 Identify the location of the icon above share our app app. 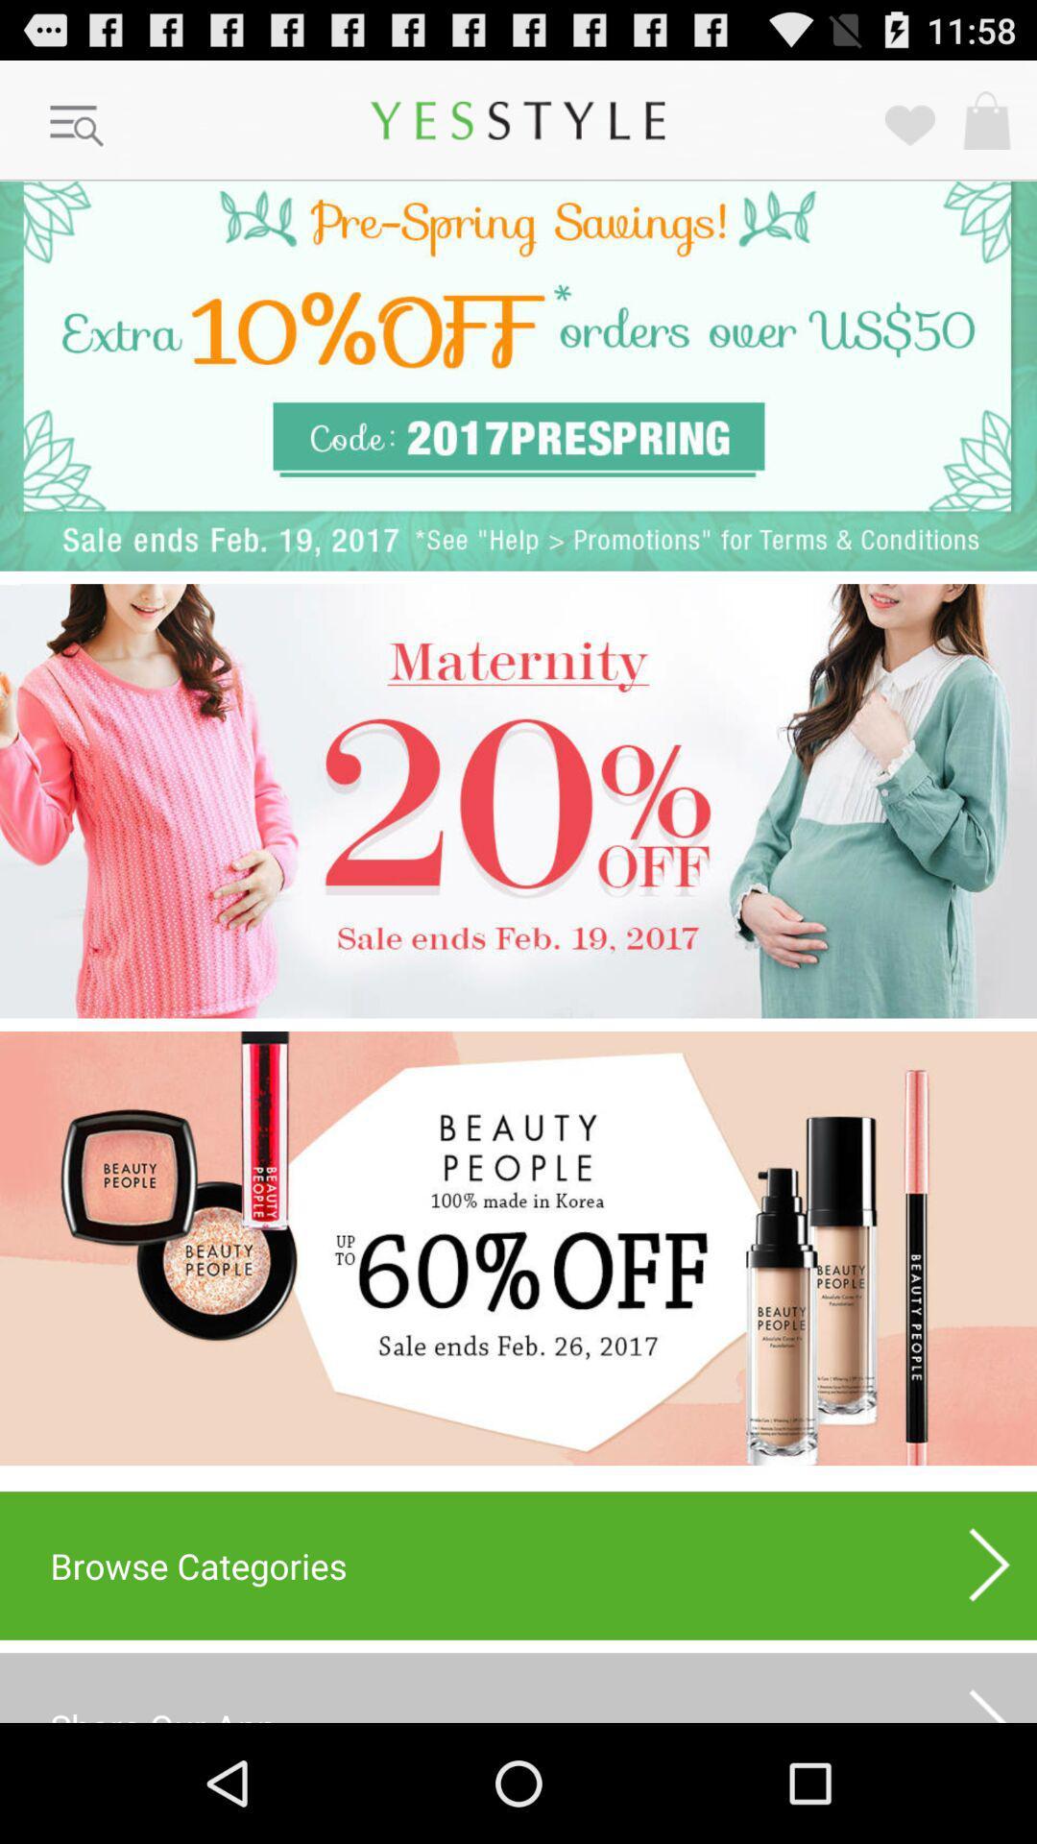
(518, 1565).